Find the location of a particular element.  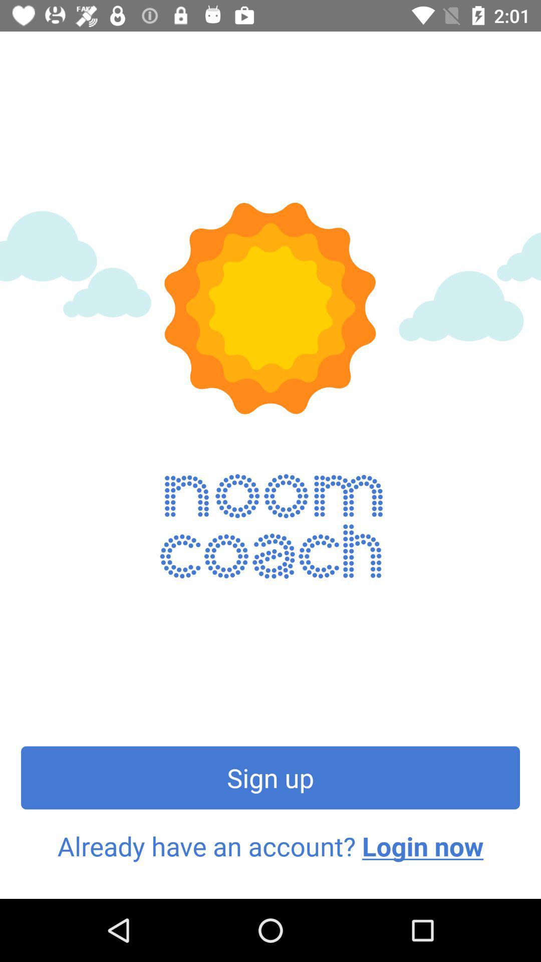

sign up is located at coordinates (270, 777).